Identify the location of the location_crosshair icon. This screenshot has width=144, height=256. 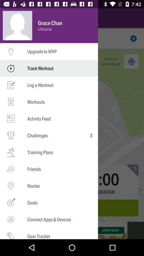
(13, 61).